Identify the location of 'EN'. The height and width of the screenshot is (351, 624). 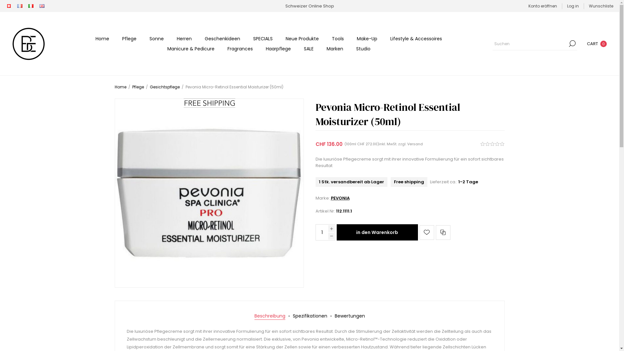
(39, 6).